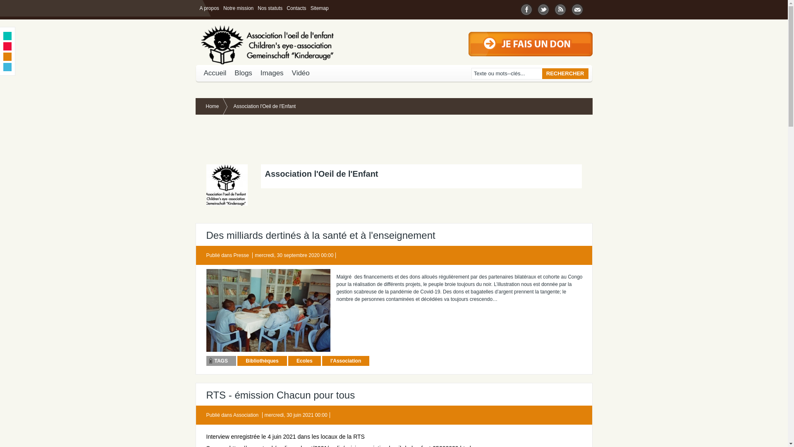  I want to click on 'Nos statuts', so click(270, 8).